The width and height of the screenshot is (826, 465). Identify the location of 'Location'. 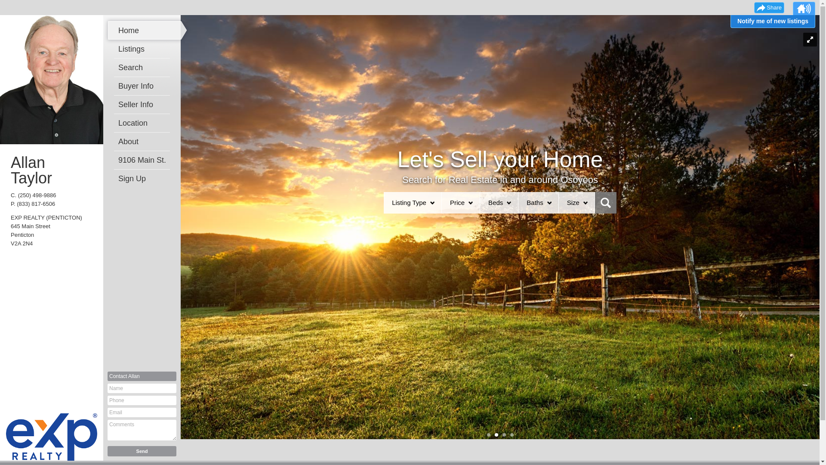
(144, 123).